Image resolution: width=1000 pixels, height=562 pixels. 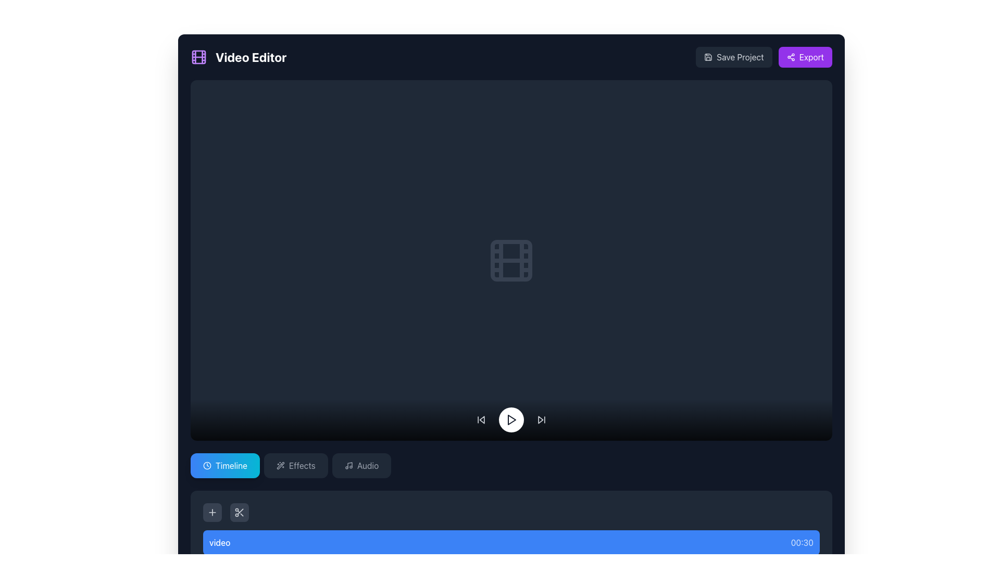 I want to click on the scissors button located at the lower-left corner of the interface, so click(x=239, y=512).